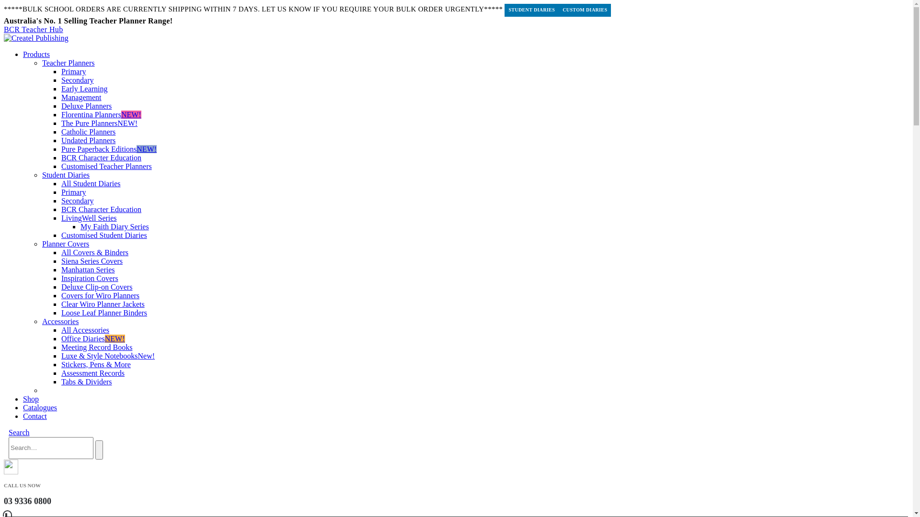 This screenshot has height=517, width=920. I want to click on 'Inspiration Covers', so click(61, 278).